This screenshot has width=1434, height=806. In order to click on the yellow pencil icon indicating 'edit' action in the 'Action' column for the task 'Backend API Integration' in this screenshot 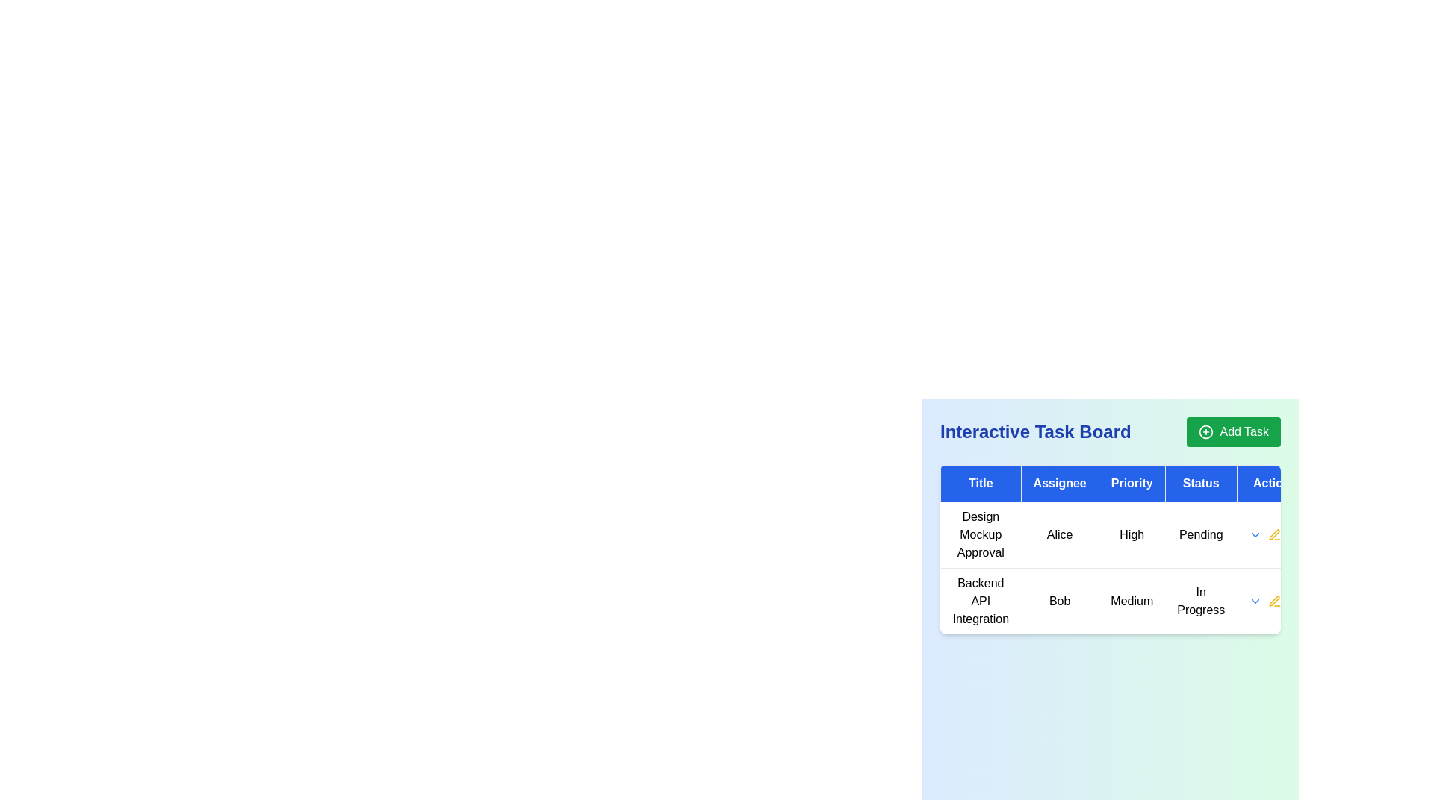, I will do `click(1274, 601)`.